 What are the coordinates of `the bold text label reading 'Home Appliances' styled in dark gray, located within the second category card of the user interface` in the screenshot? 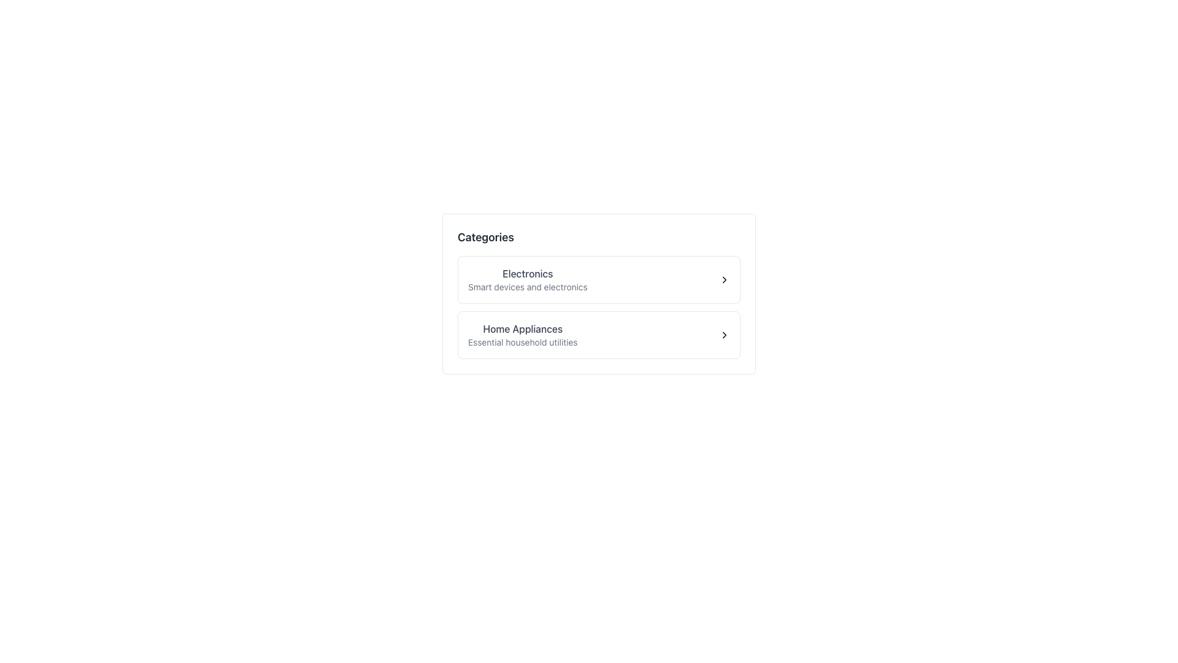 It's located at (523, 328).